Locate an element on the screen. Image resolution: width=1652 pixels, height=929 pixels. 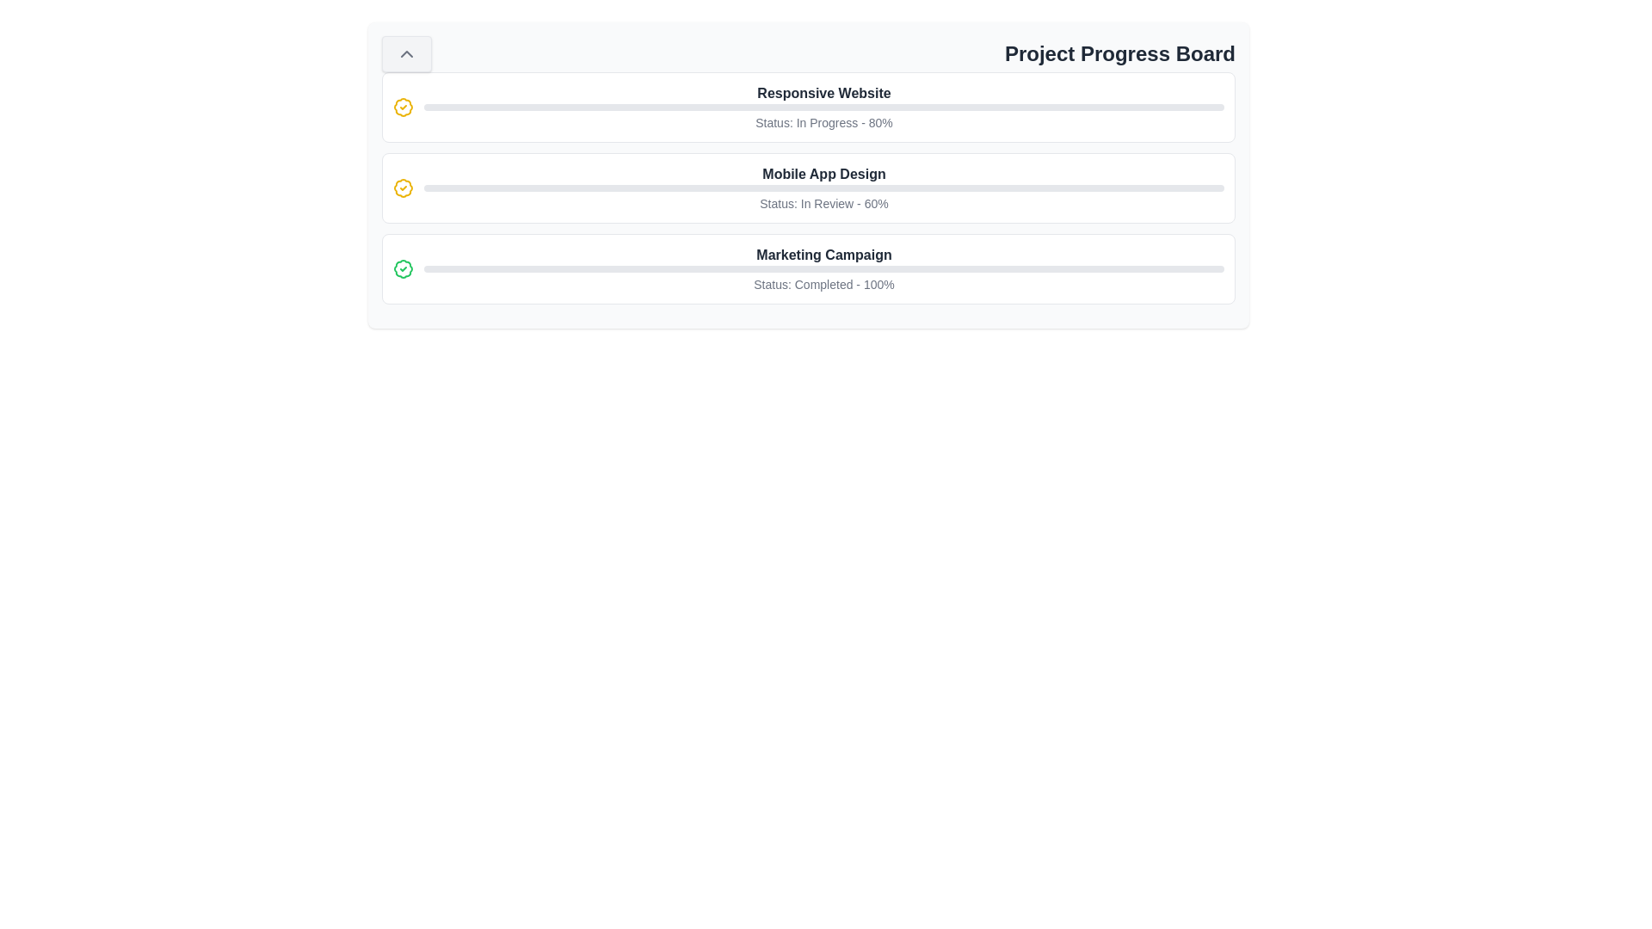
the progress bar representing the 'Marketing Campaign' project which shows 100% completion, filled entirely in blue, located below the title 'Marketing Campaign' is located at coordinates (823, 268).